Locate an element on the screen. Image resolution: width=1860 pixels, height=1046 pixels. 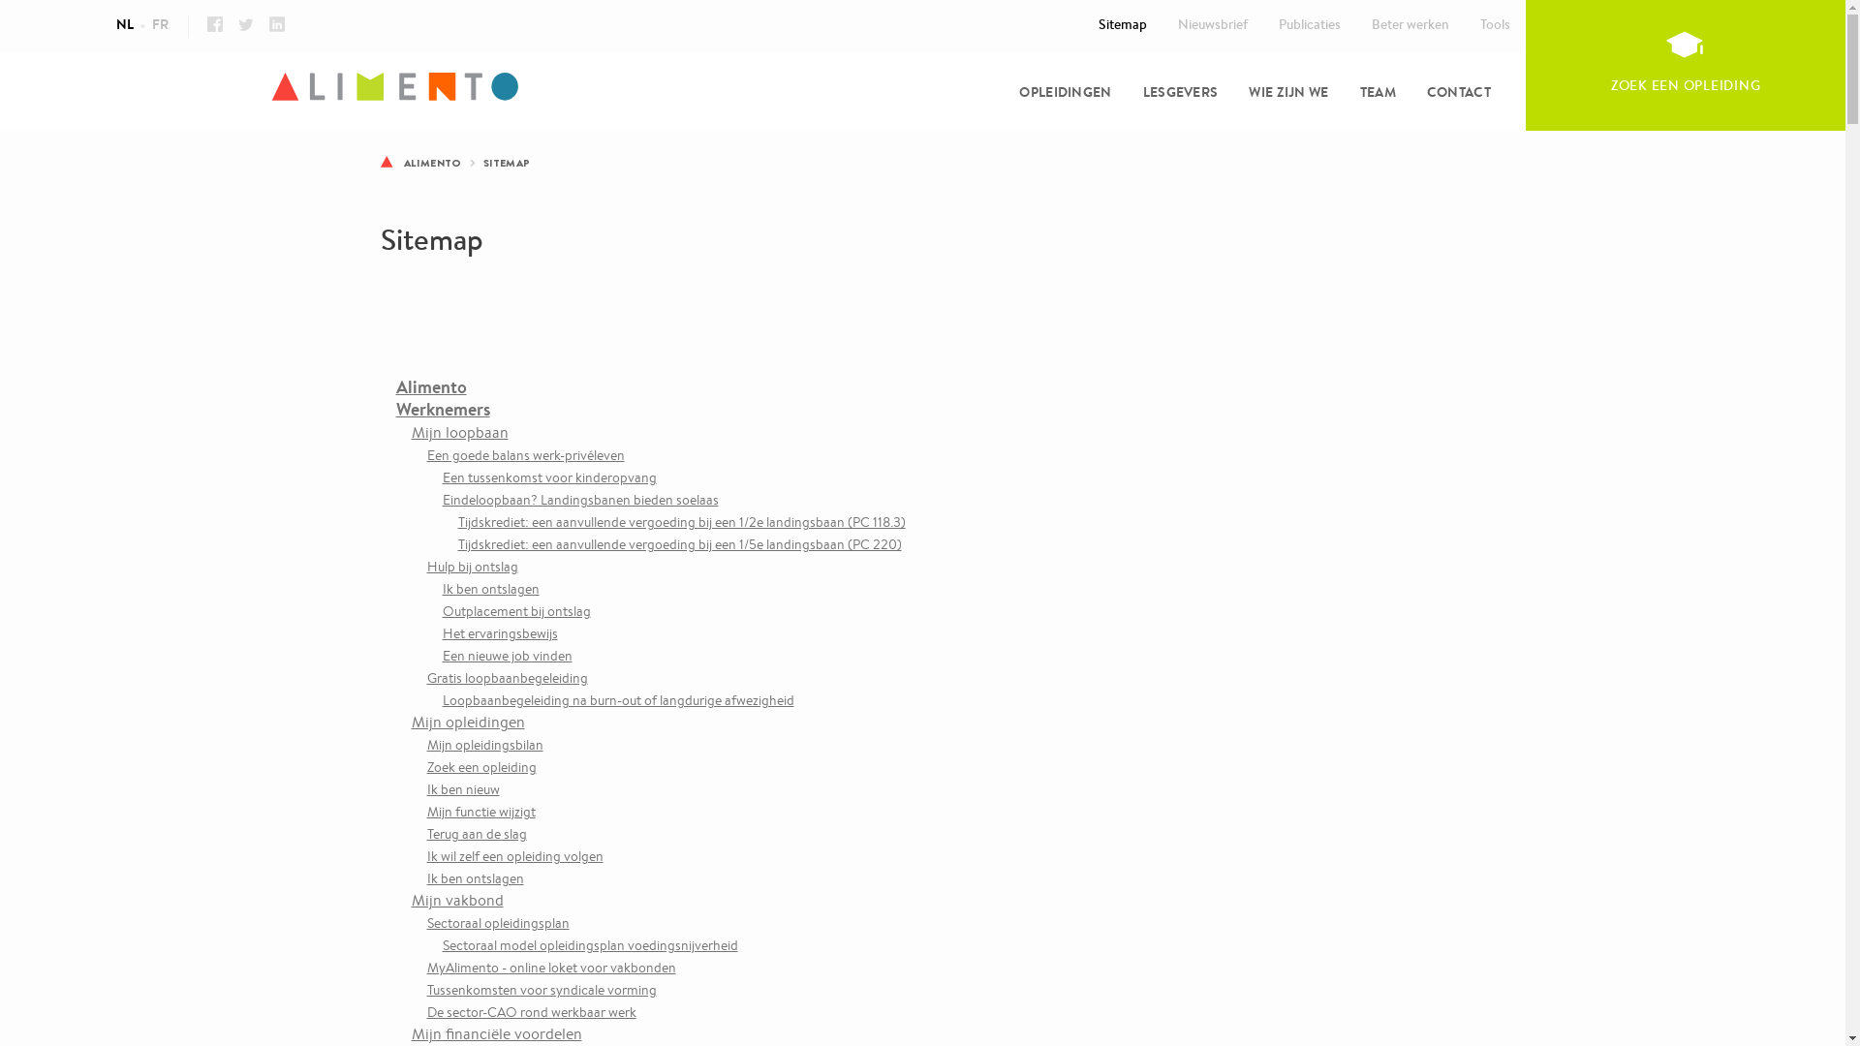
'Loopbaanbegeleiding na burn-out of langdurige afwezigheid' is located at coordinates (616, 699).